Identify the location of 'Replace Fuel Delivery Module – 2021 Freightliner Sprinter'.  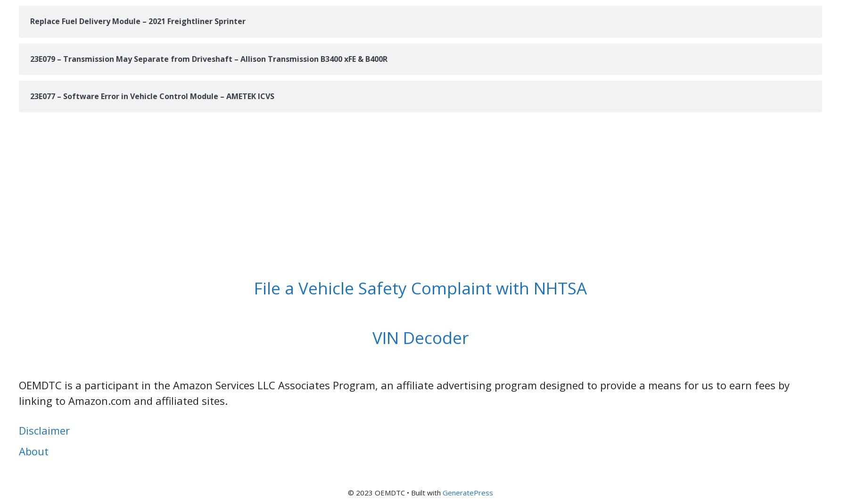
(138, 20).